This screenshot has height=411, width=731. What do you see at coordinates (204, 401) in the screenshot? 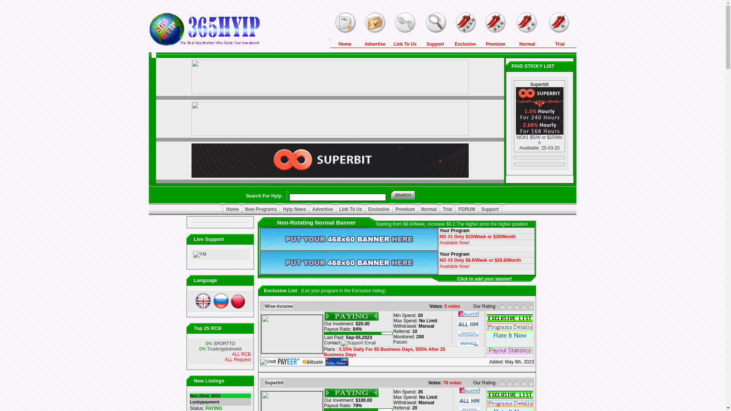
I see `'Luckypayment'` at bounding box center [204, 401].